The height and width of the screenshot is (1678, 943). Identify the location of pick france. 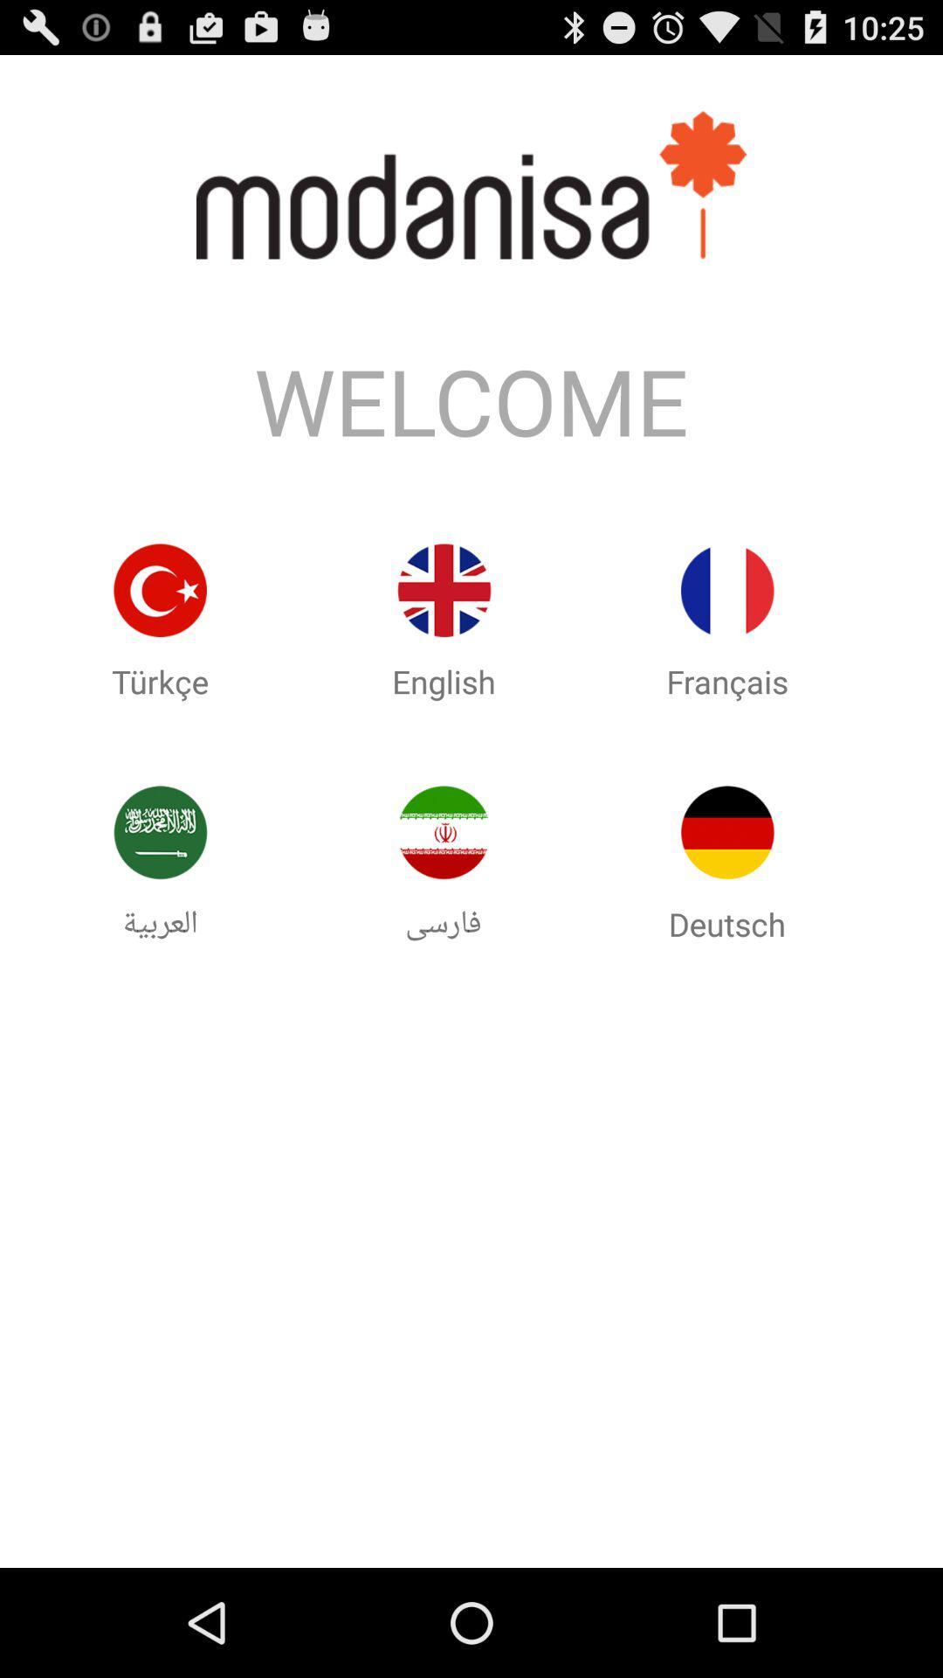
(727, 590).